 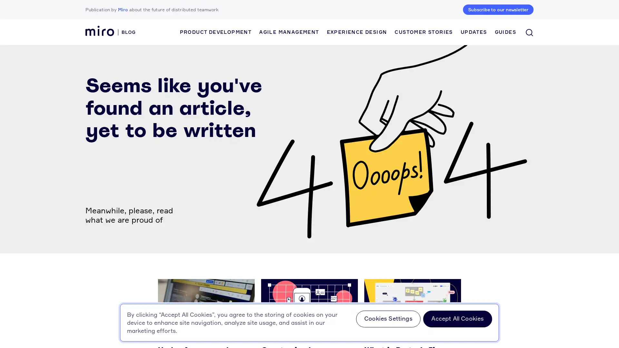 I want to click on Subscribe to our newsletter, so click(x=498, y=10).